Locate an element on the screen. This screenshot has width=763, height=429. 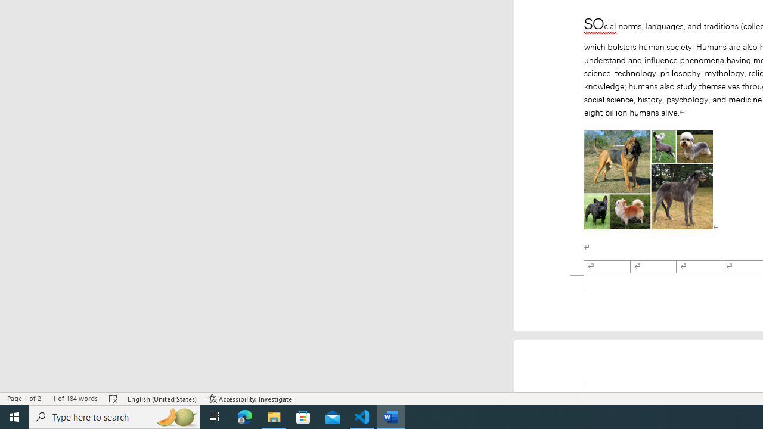
'Language English (United States)' is located at coordinates (162, 399).